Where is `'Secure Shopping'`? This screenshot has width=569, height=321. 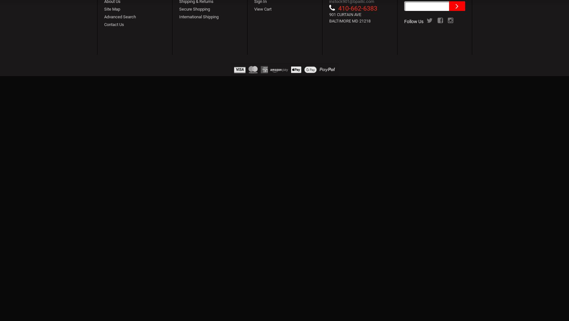 'Secure Shopping' is located at coordinates (194, 9).